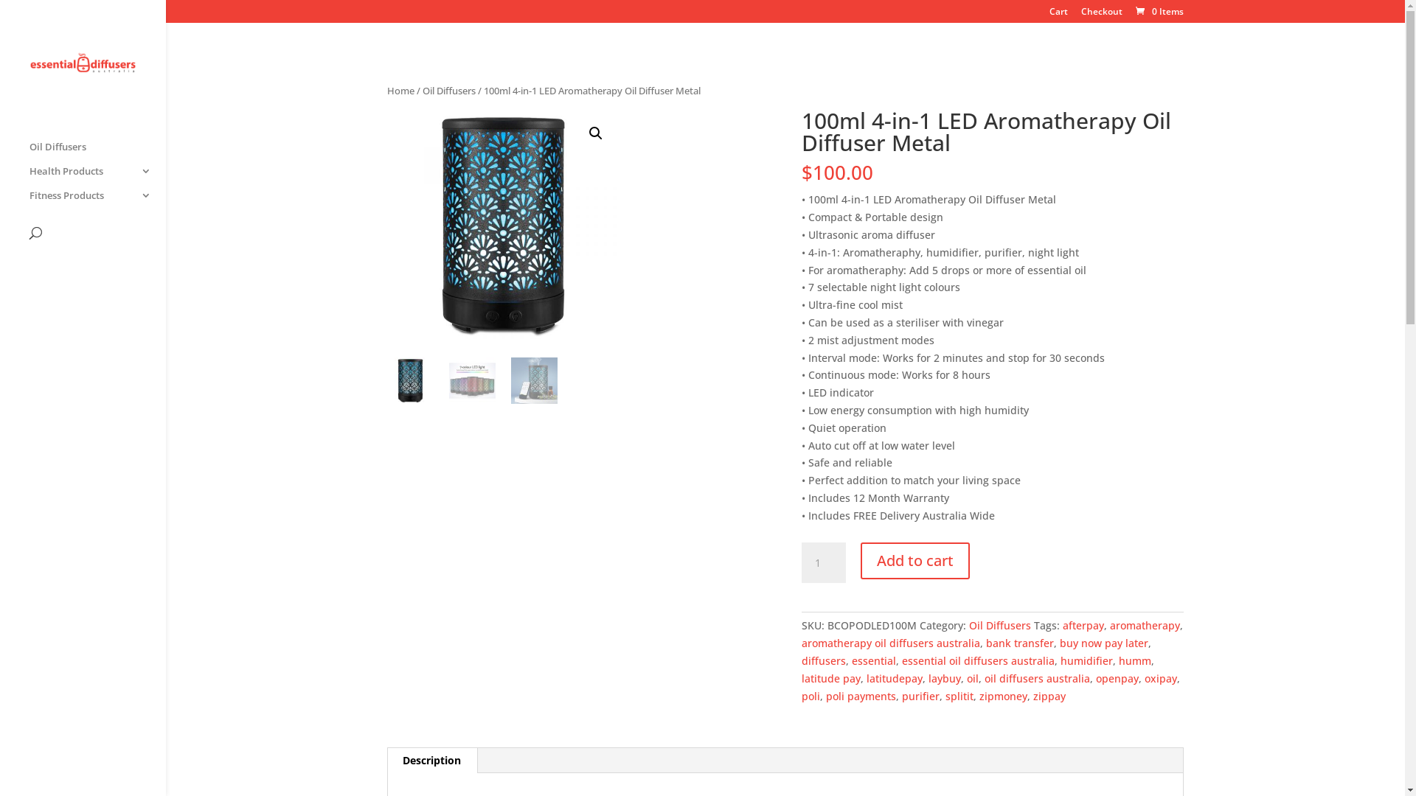 This screenshot has width=1416, height=796. Describe the element at coordinates (1058, 15) in the screenshot. I see `'Cart'` at that location.